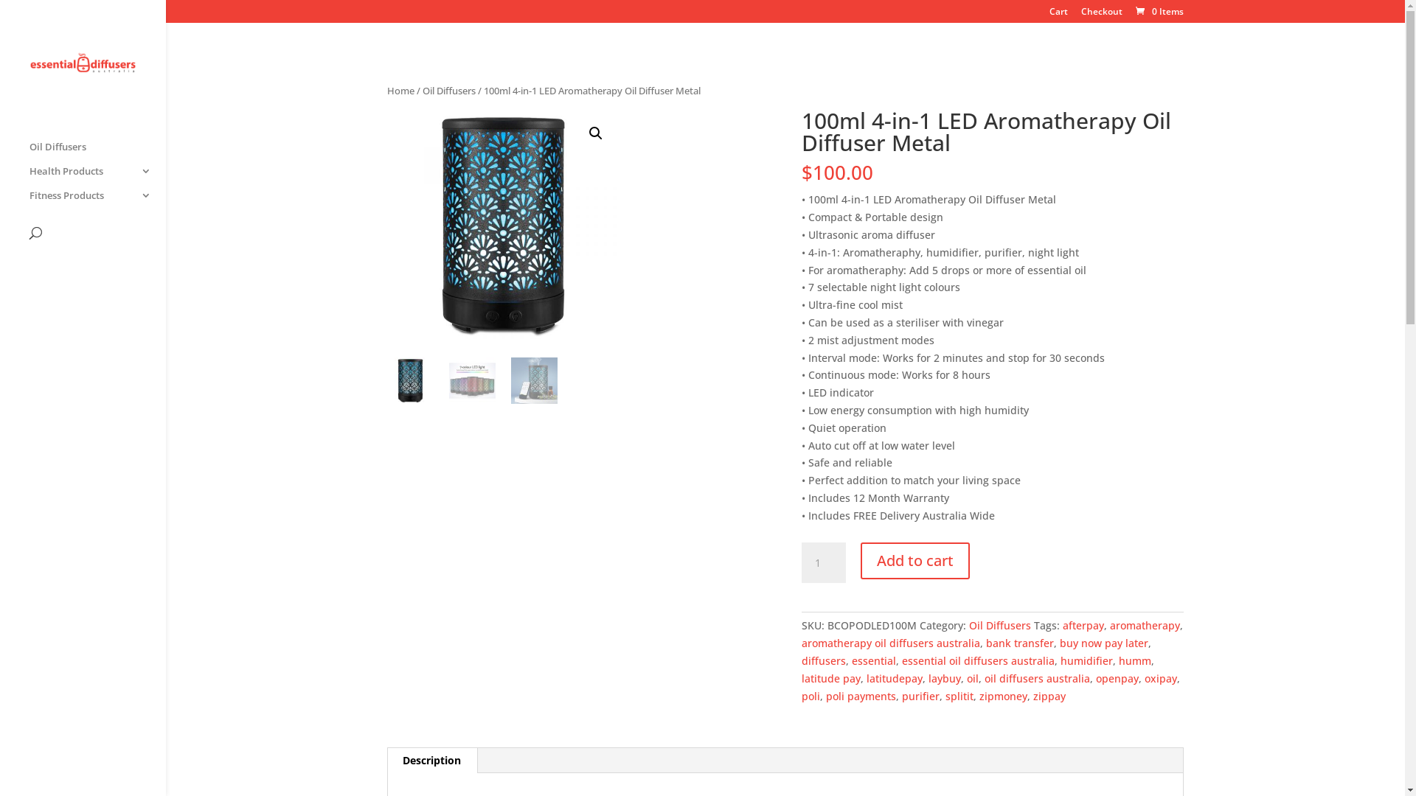 This screenshot has width=1416, height=796. Describe the element at coordinates (1058, 15) in the screenshot. I see `'Cart'` at that location.